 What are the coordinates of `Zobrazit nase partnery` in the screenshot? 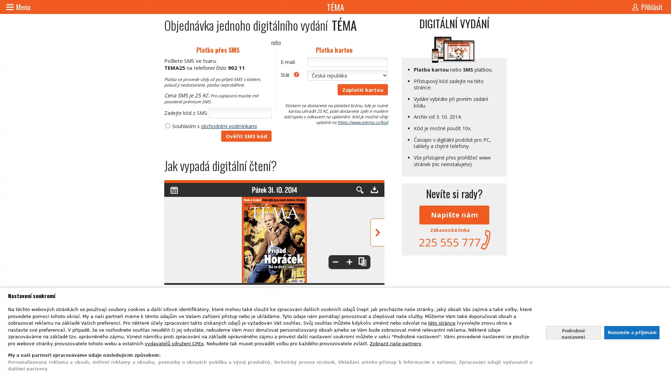 It's located at (396, 343).